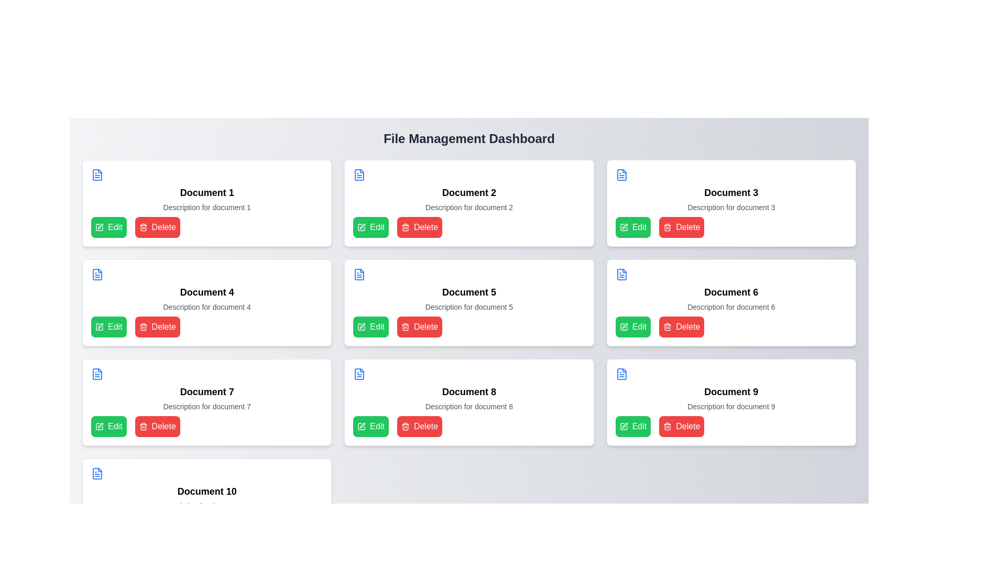 The width and height of the screenshot is (1006, 566). Describe the element at coordinates (730, 406) in the screenshot. I see `the descriptive text label that provides additional information about 'Document 9', which is located under the title and above the 'Edit' and 'Delete' controls in the ninth card of the grid layout` at that location.